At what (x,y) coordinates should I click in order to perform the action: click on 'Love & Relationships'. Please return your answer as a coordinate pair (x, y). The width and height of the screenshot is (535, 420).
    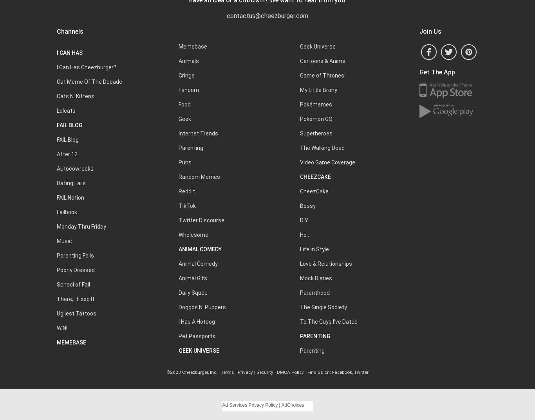
    Looking at the image, I should click on (325, 263).